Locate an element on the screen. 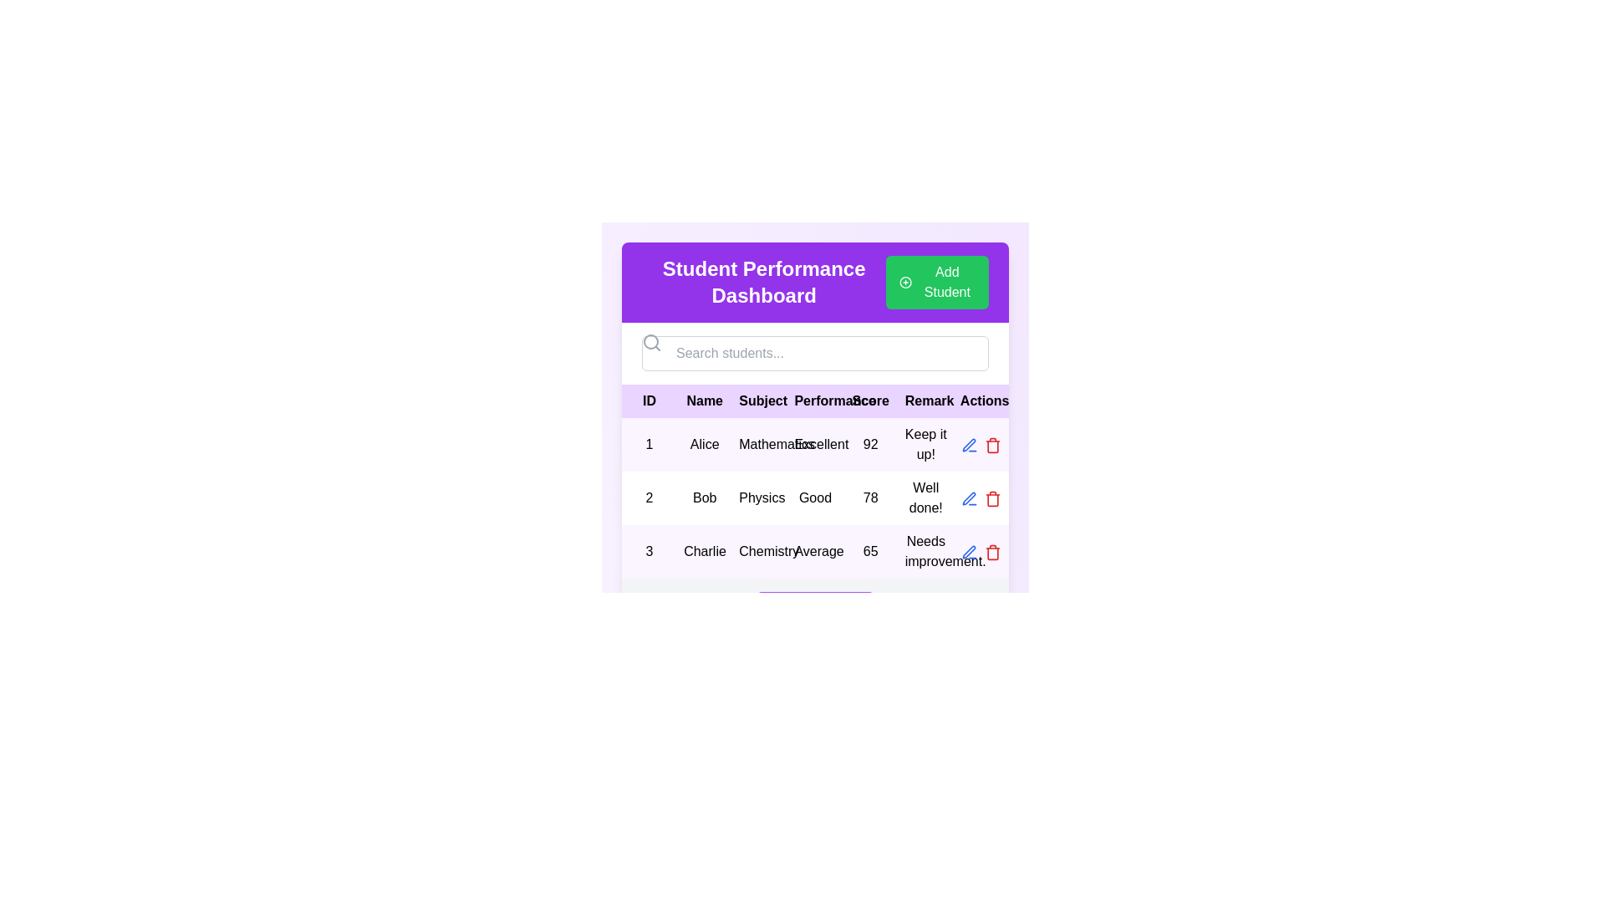 The height and width of the screenshot is (903, 1605). the 'Performance' table header, which is the fourth header in a sequence of seven, located in the header row of a table, with 'Subject' to its left and 'Score' to its right is located at coordinates (815, 400).